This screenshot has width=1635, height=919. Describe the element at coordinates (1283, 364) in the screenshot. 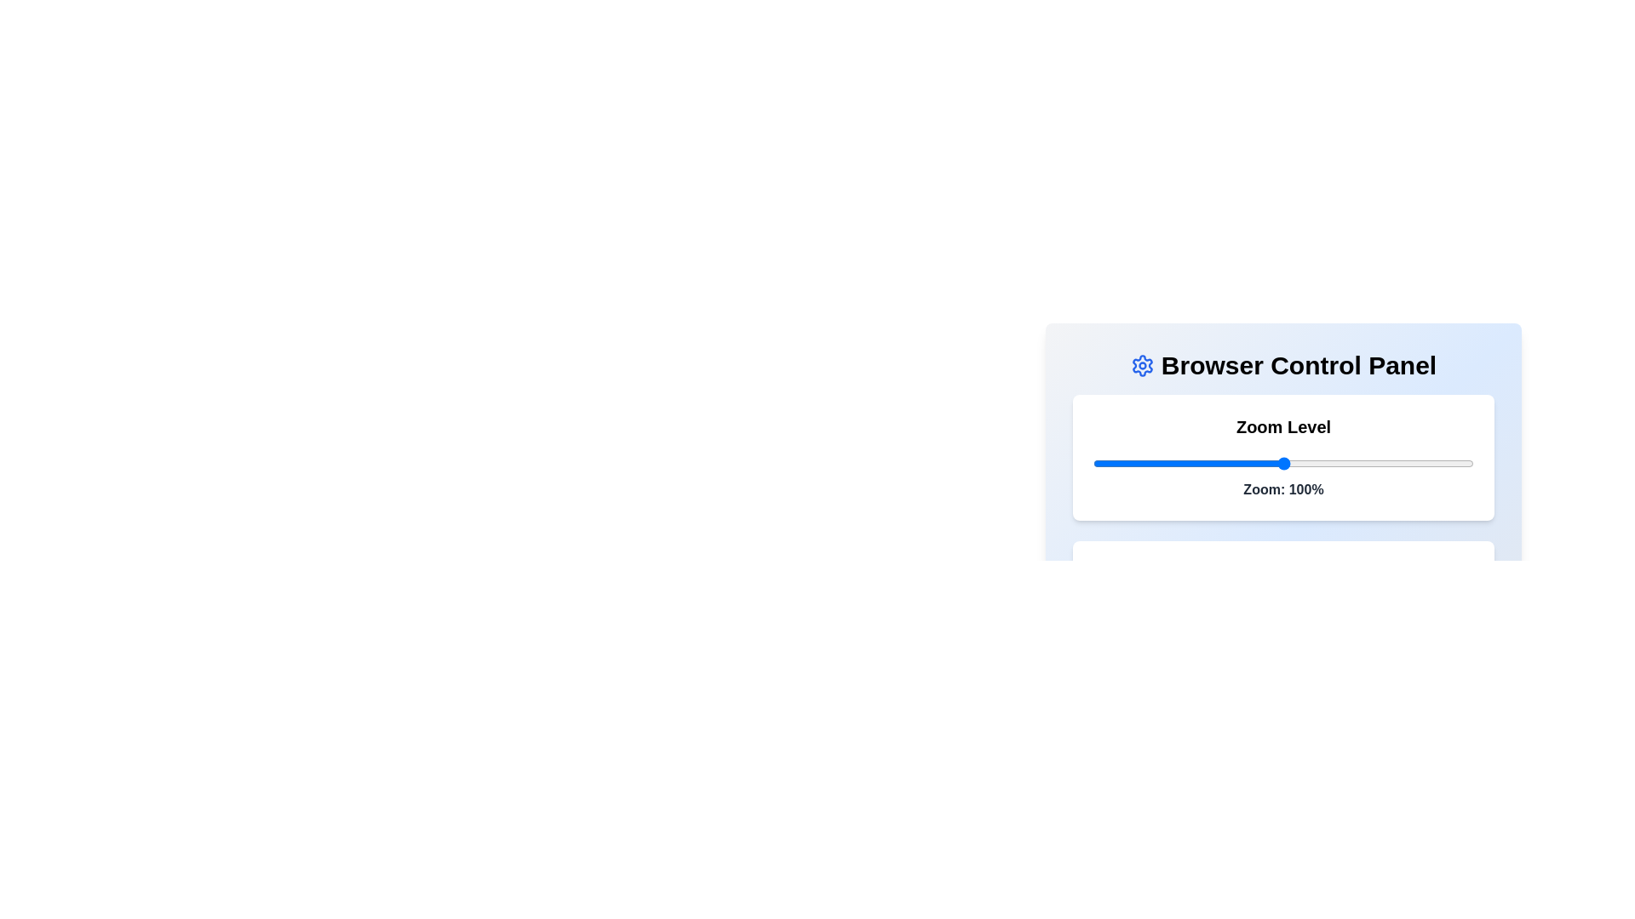

I see `the 'Browser Control Panel' heading` at that location.